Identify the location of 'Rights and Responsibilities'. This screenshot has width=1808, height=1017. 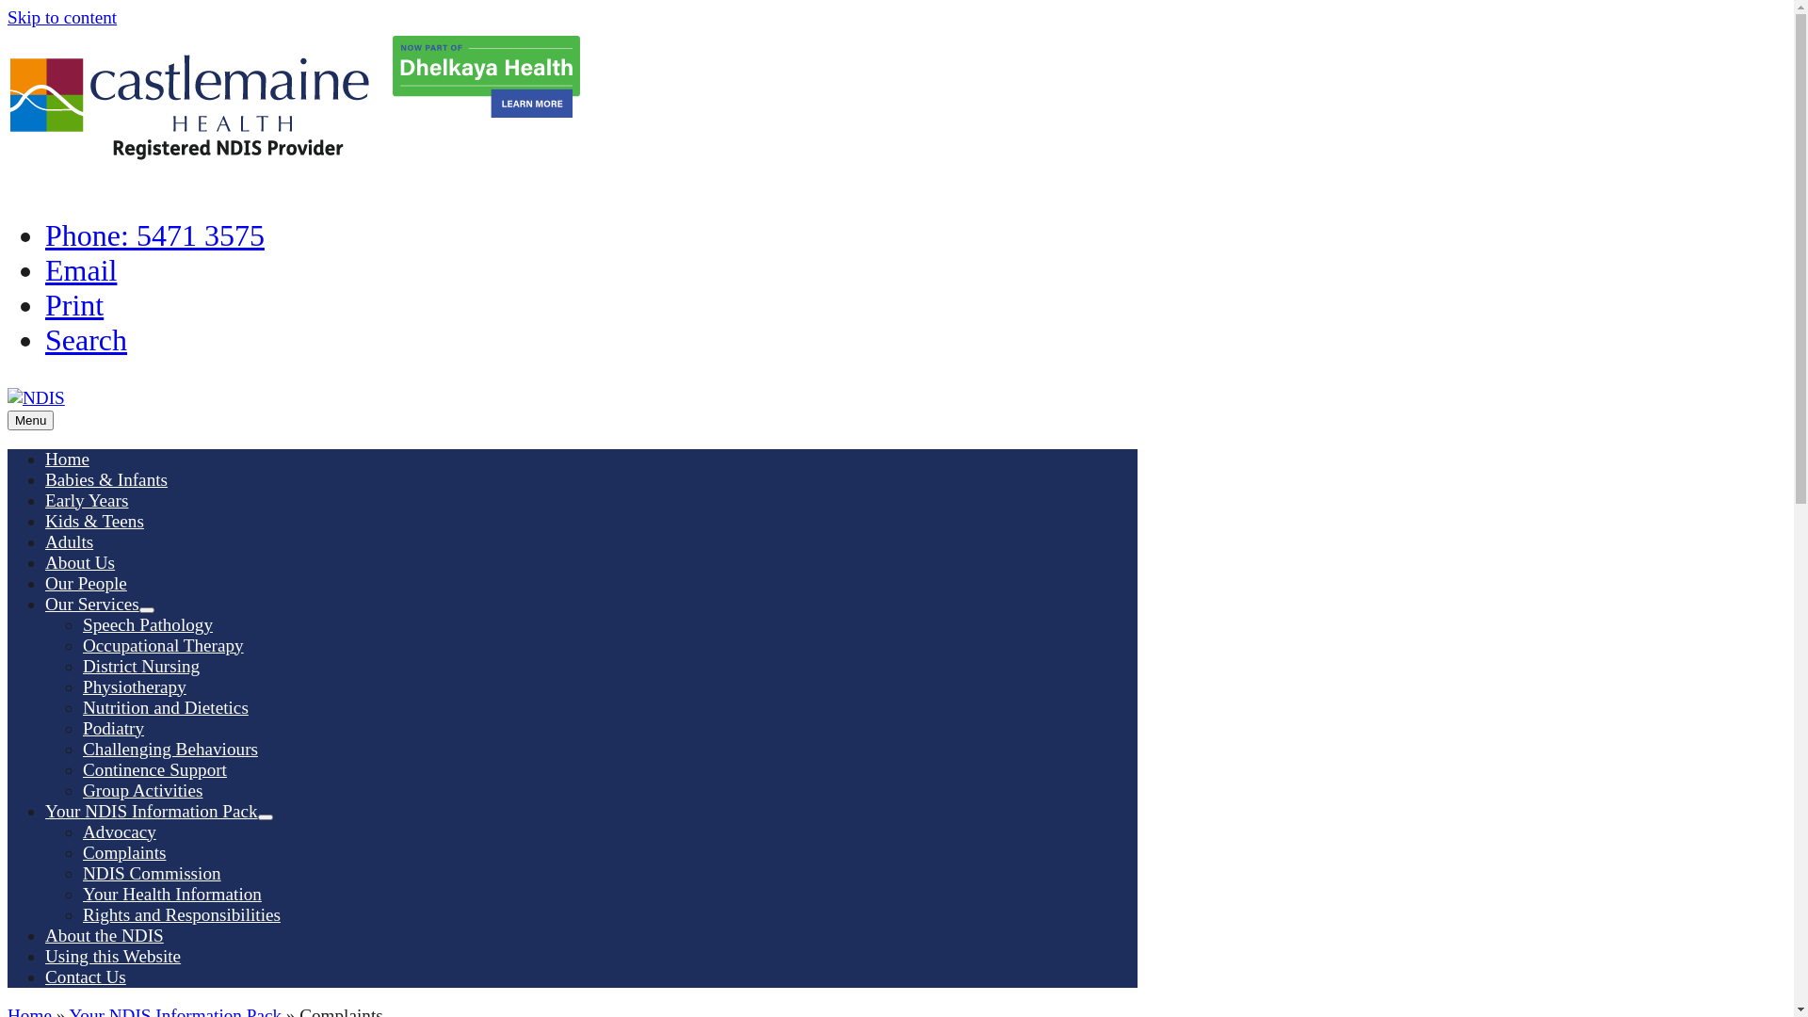
(181, 913).